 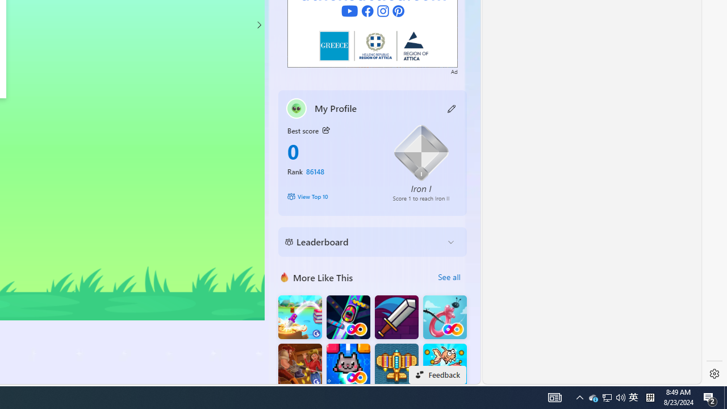 I want to click on 'Leaderboard', so click(x=363, y=241).